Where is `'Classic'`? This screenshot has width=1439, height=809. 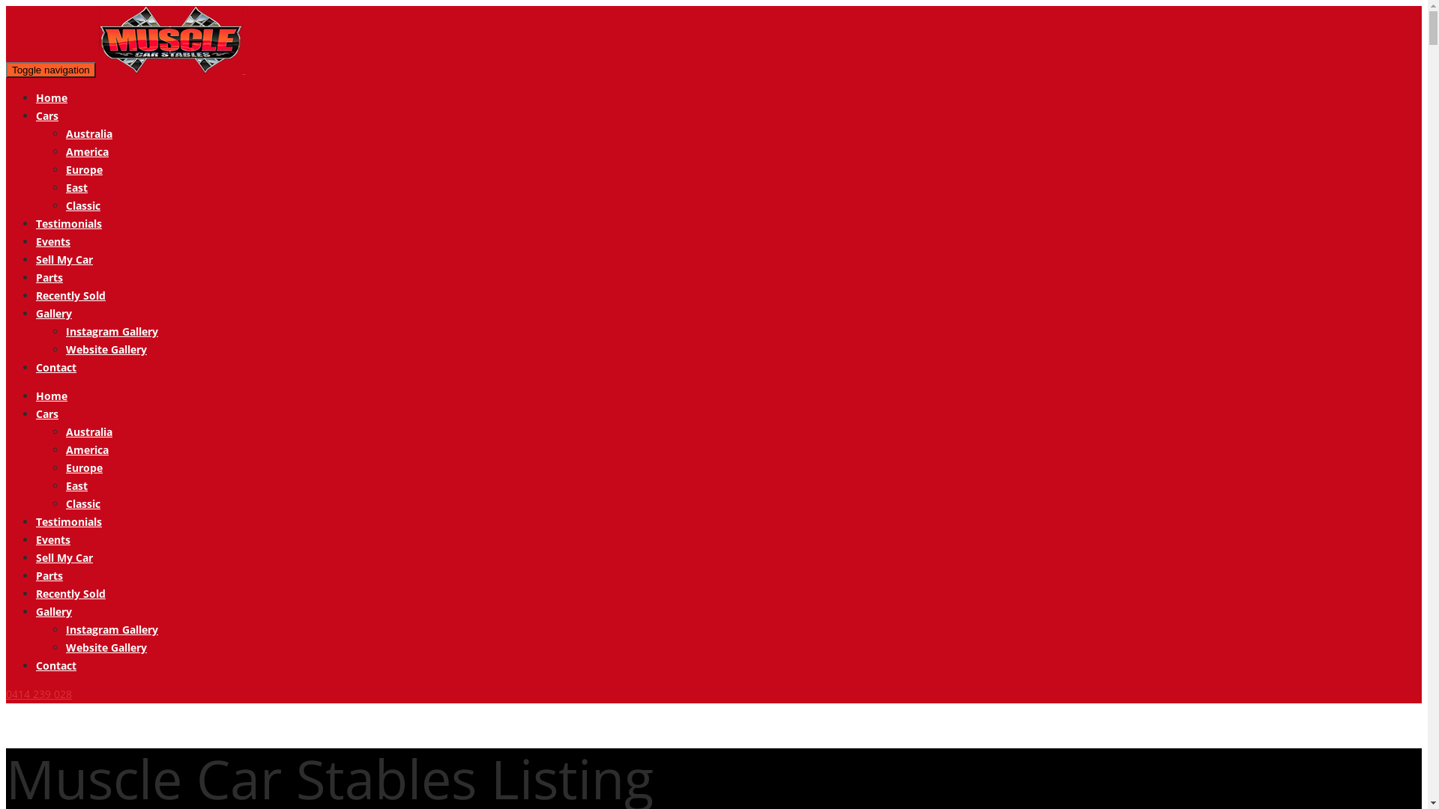 'Classic' is located at coordinates (82, 205).